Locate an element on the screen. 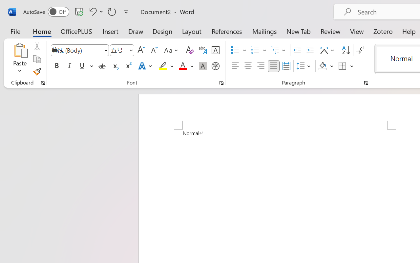 The width and height of the screenshot is (420, 263). 'Mailings' is located at coordinates (264, 31).